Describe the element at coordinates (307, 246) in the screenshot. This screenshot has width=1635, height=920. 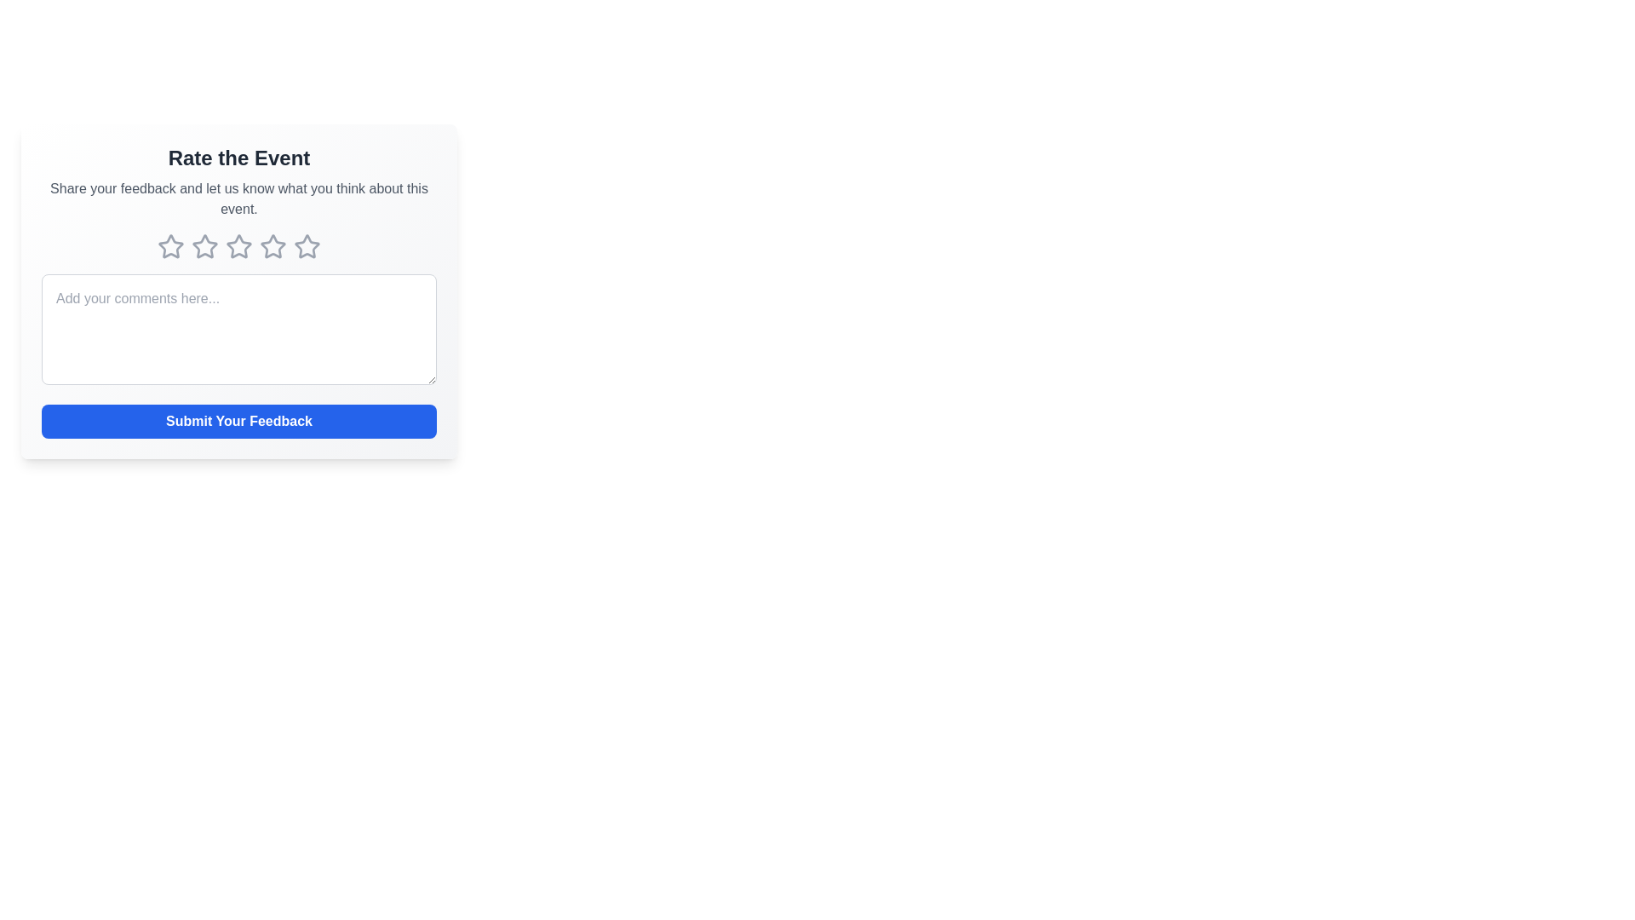
I see `the fifth star icon in the rating system` at that location.